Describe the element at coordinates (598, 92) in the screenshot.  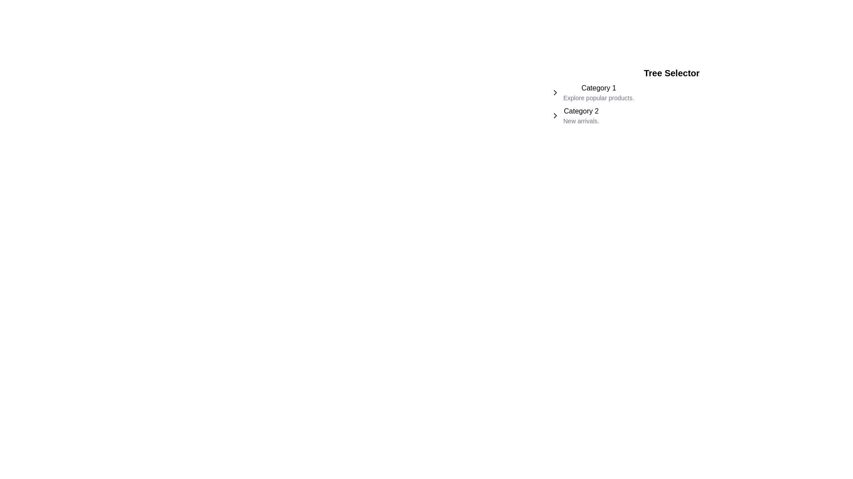
I see `the first list item in the category selection system` at that location.